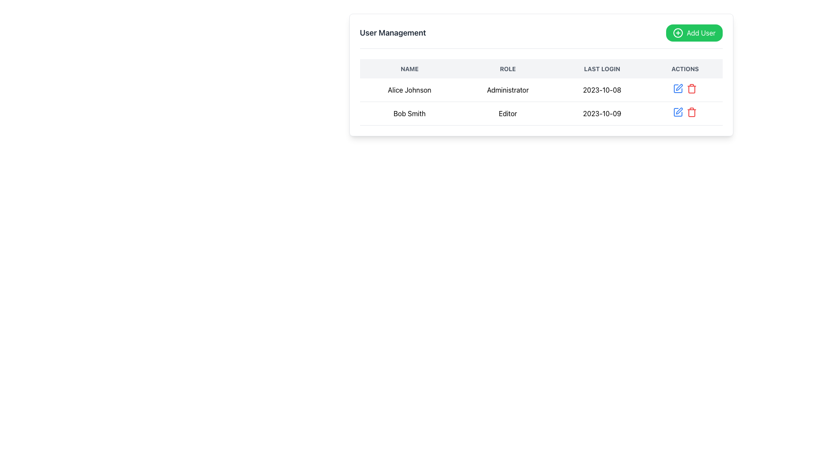  Describe the element at coordinates (692, 89) in the screenshot. I see `the red trash icon button in the Actions column of the User Management table for user 'Bob Smith'` at that location.